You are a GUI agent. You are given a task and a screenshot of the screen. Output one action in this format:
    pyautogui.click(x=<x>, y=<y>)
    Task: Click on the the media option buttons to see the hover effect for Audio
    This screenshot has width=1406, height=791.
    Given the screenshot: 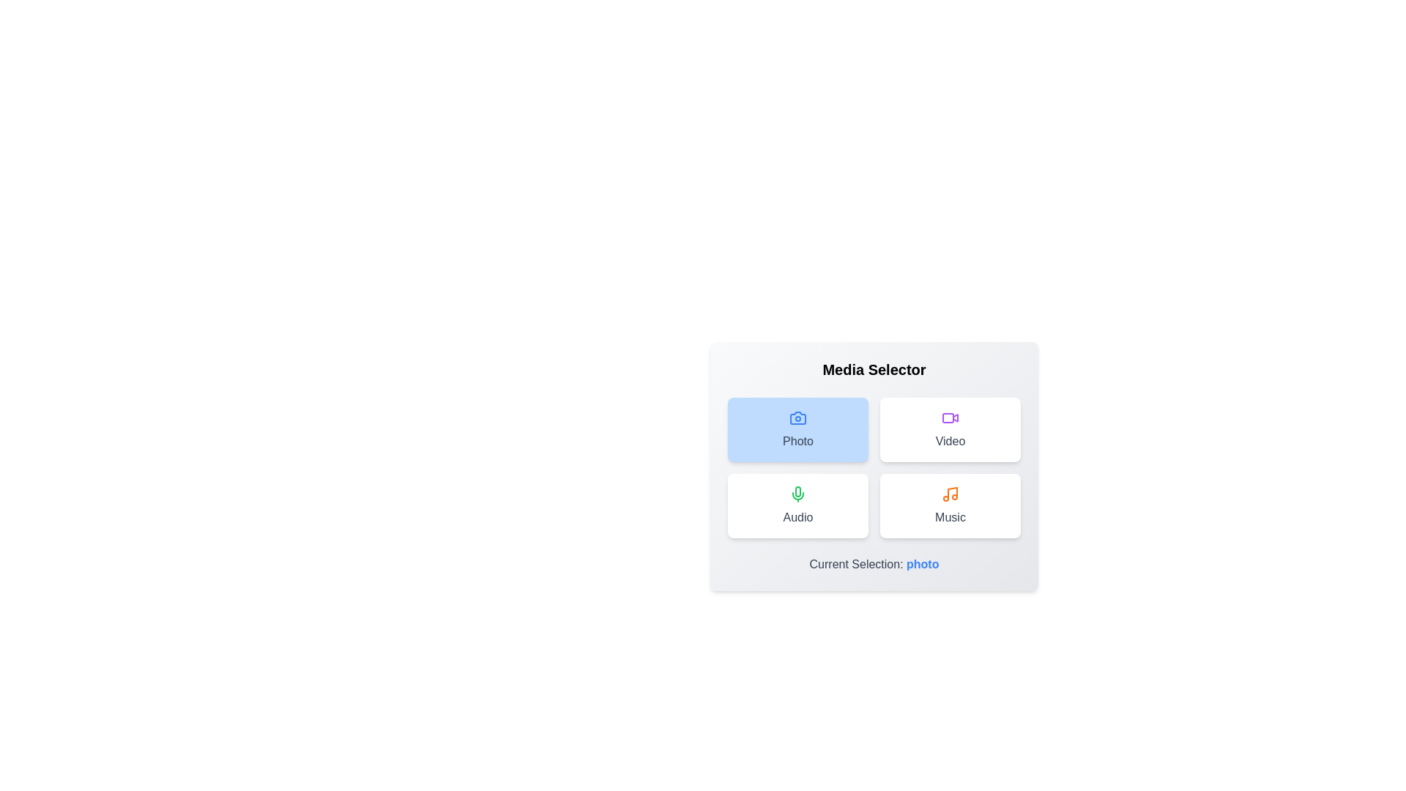 What is the action you would take?
    pyautogui.click(x=797, y=505)
    